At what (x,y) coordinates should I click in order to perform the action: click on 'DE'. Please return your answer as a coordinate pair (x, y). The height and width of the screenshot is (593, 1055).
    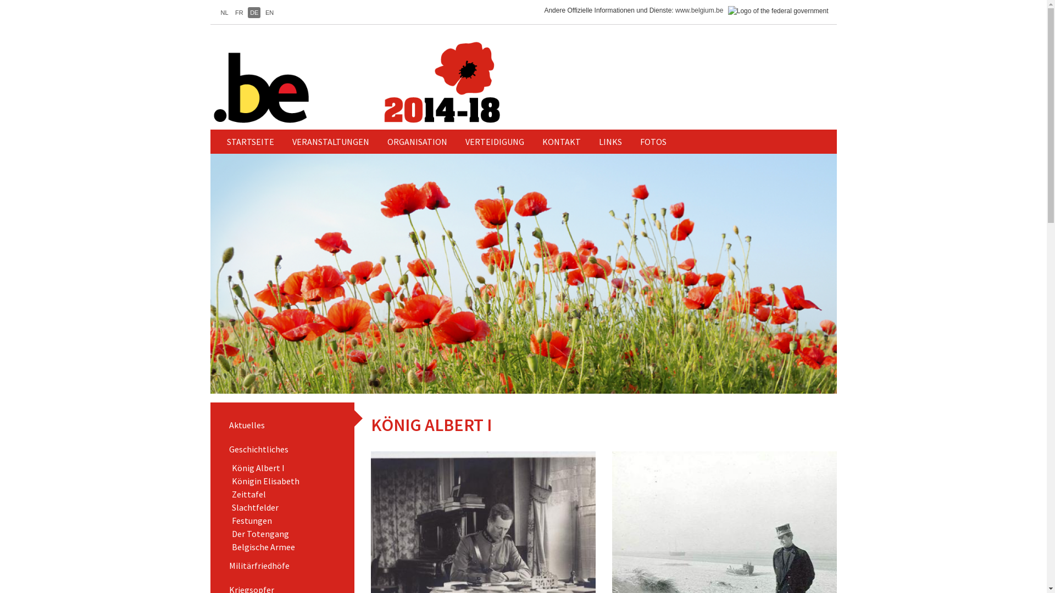
    Looking at the image, I should click on (253, 13).